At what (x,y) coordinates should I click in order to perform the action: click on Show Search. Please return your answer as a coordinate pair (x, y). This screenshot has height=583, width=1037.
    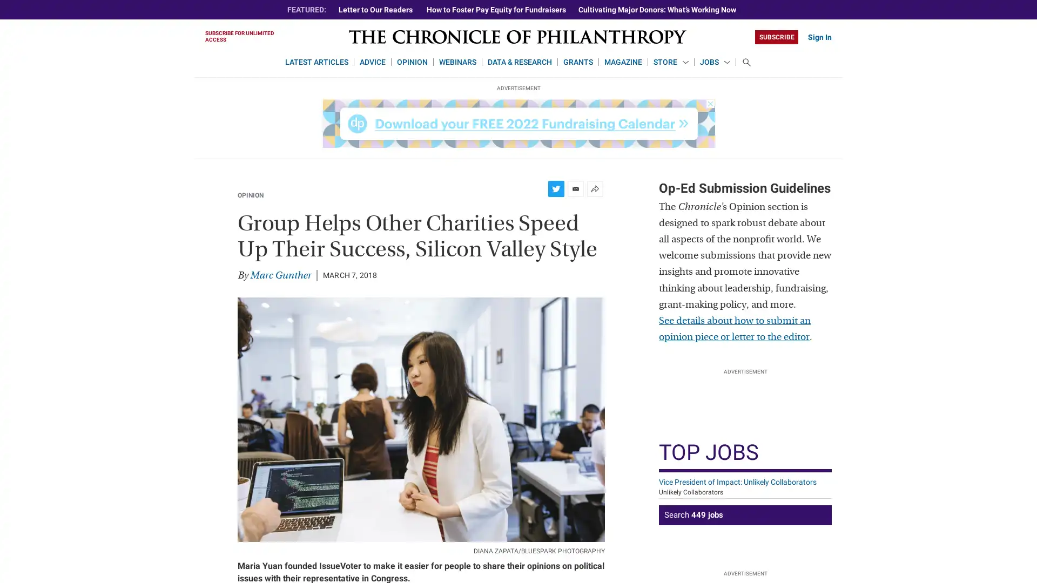
    Looking at the image, I should click on (746, 62).